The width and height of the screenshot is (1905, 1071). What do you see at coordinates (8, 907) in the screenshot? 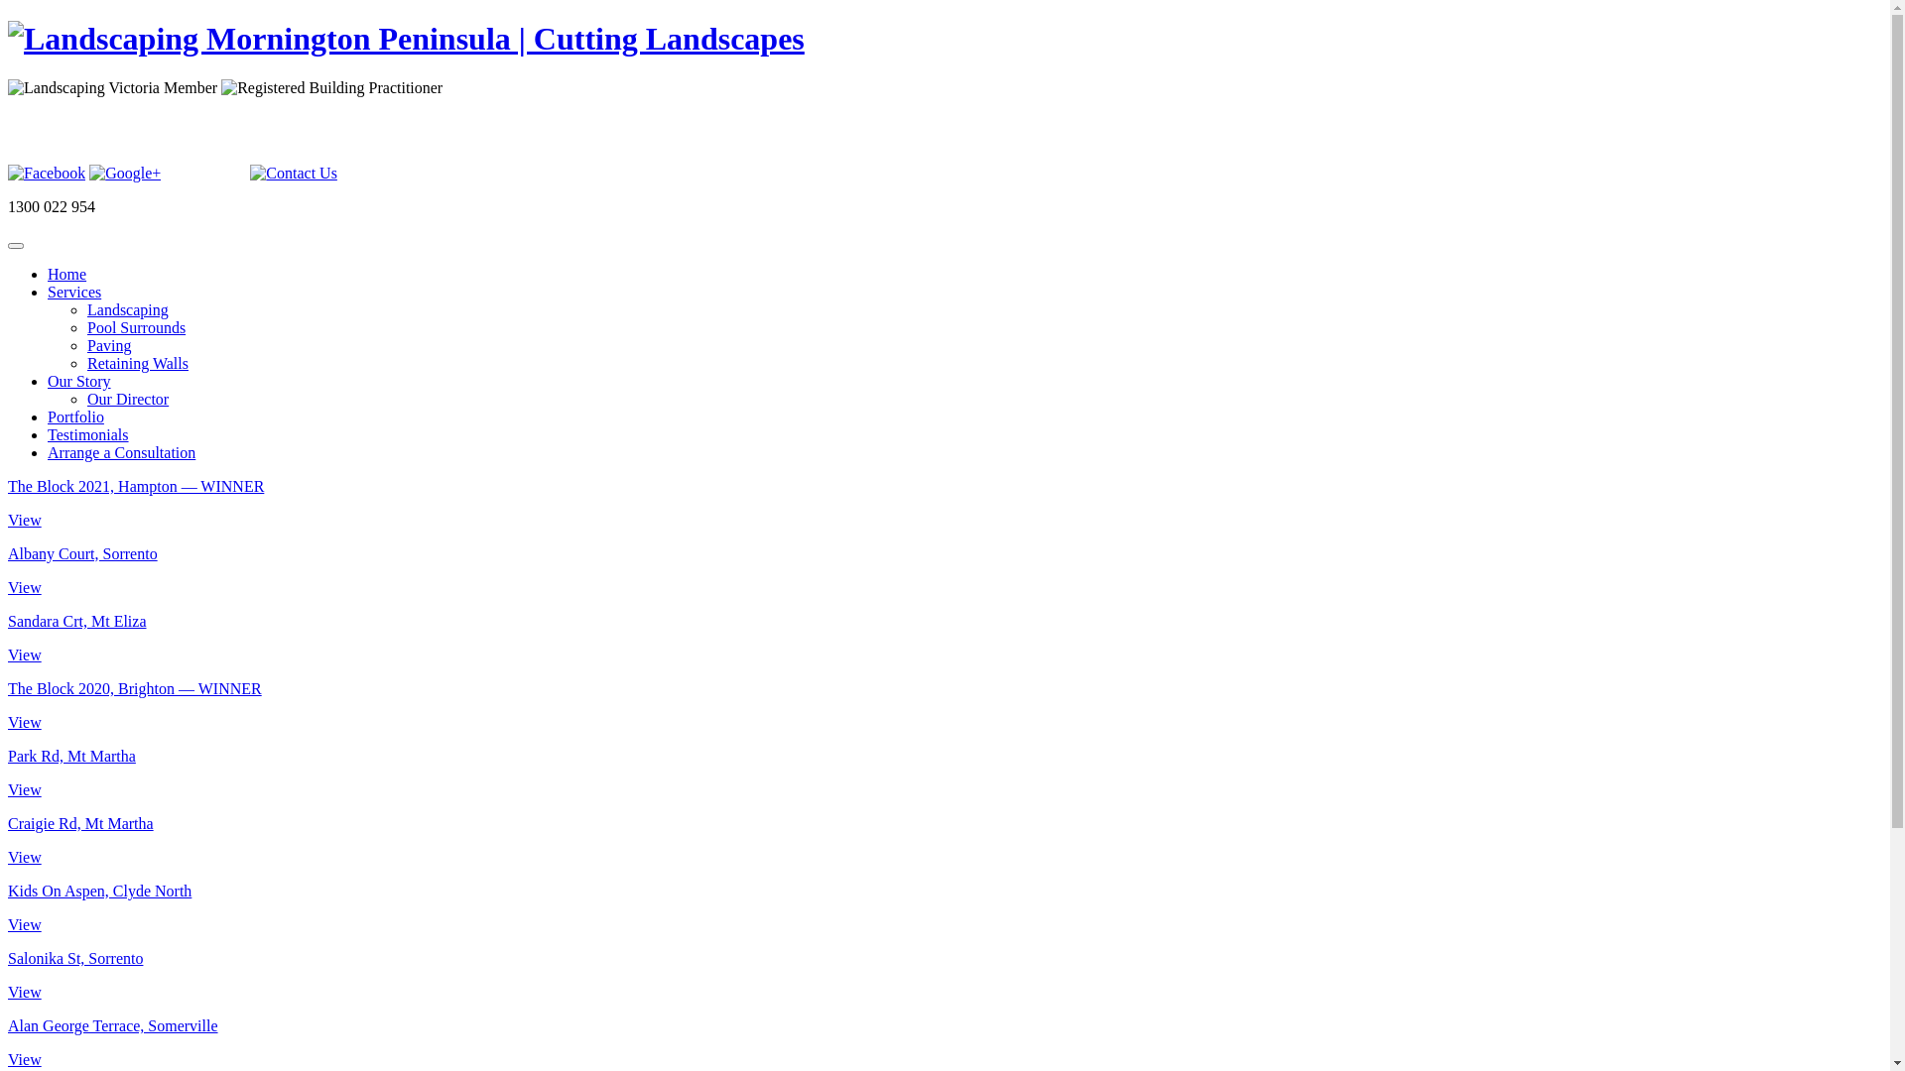
I see `'Kids On Aspen, Clyde North` at bounding box center [8, 907].